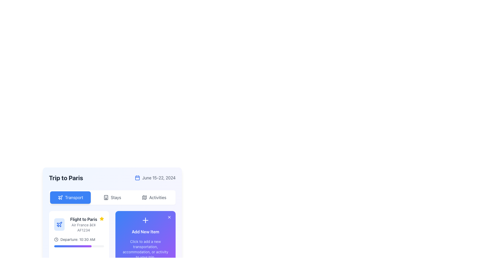 This screenshot has height=280, width=498. What do you see at coordinates (115, 198) in the screenshot?
I see `the navigational label/button located in the top-center section of the interface` at bounding box center [115, 198].